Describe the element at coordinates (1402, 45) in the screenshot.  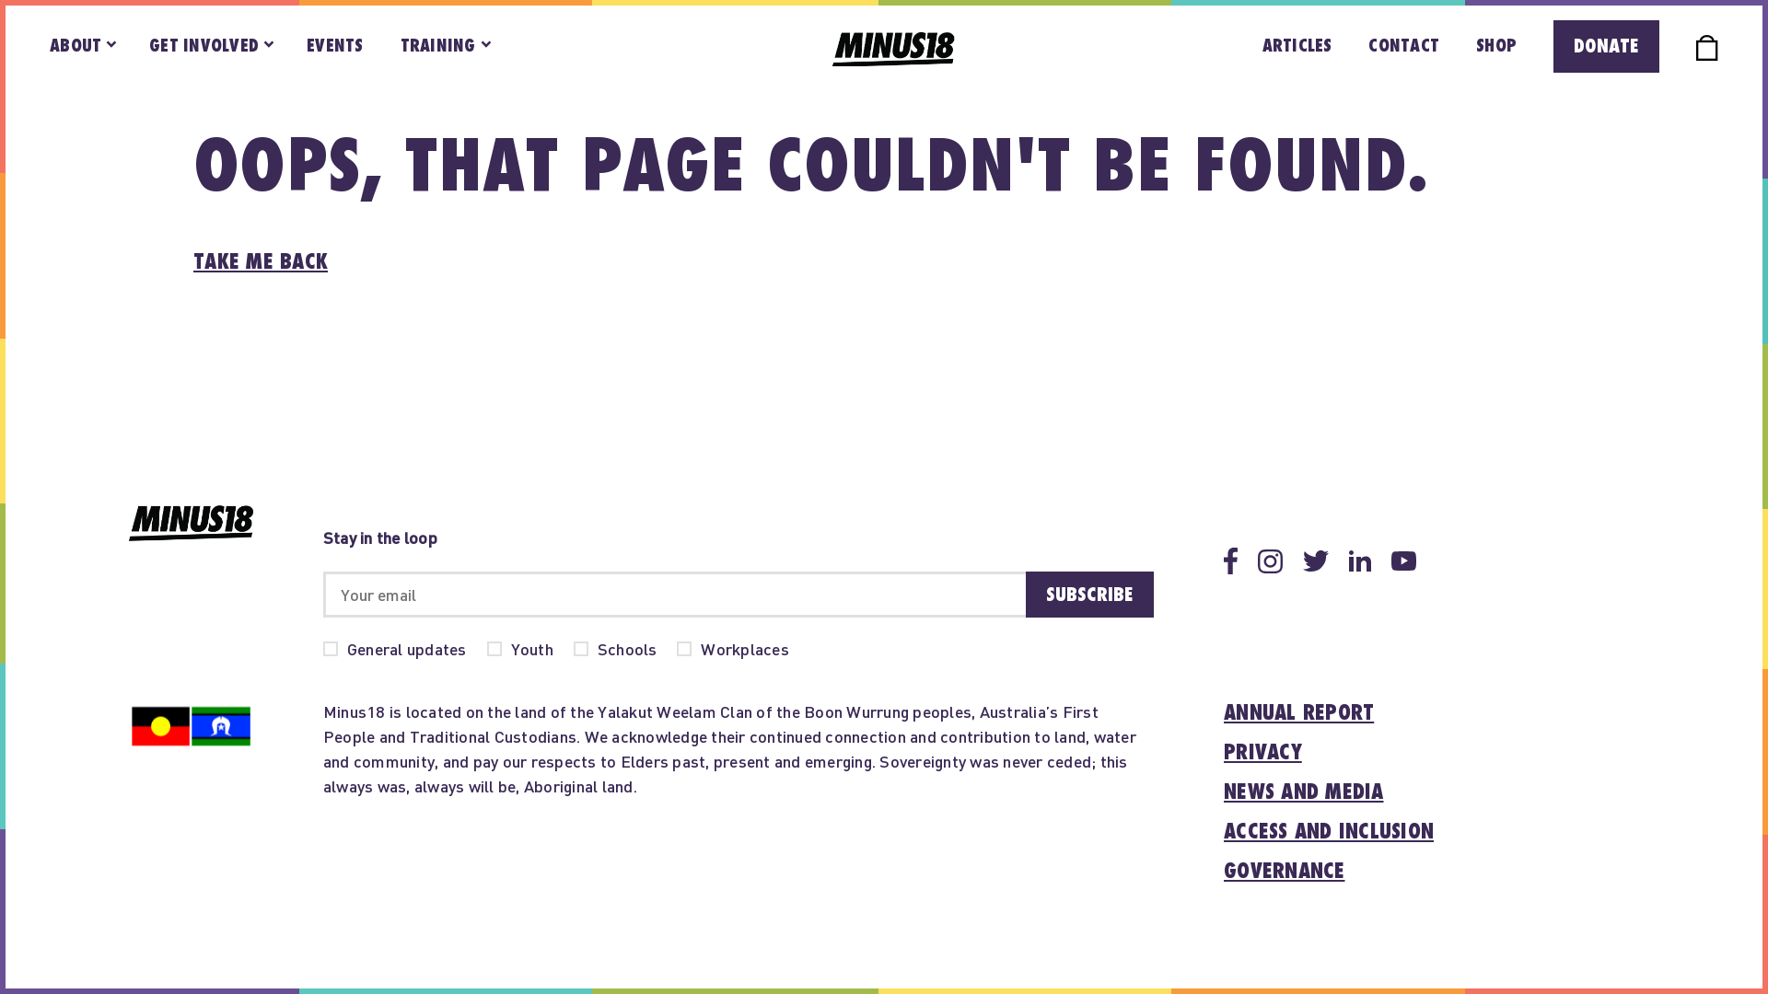
I see `'CONTACT'` at that location.